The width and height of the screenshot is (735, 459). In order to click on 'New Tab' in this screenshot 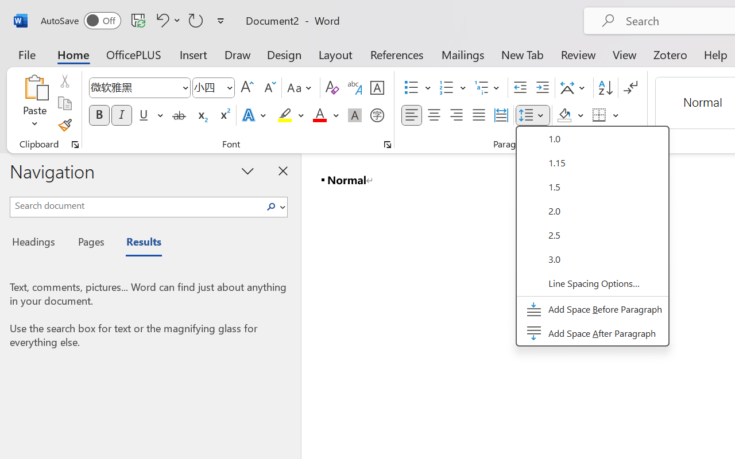, I will do `click(522, 54)`.